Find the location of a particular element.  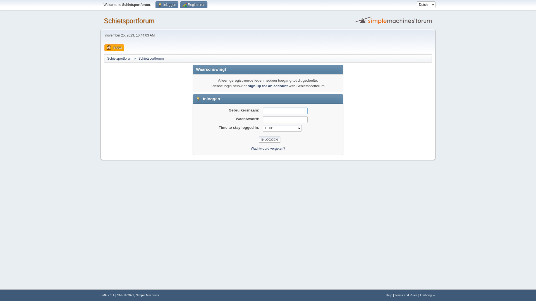

'Index' is located at coordinates (114, 47).